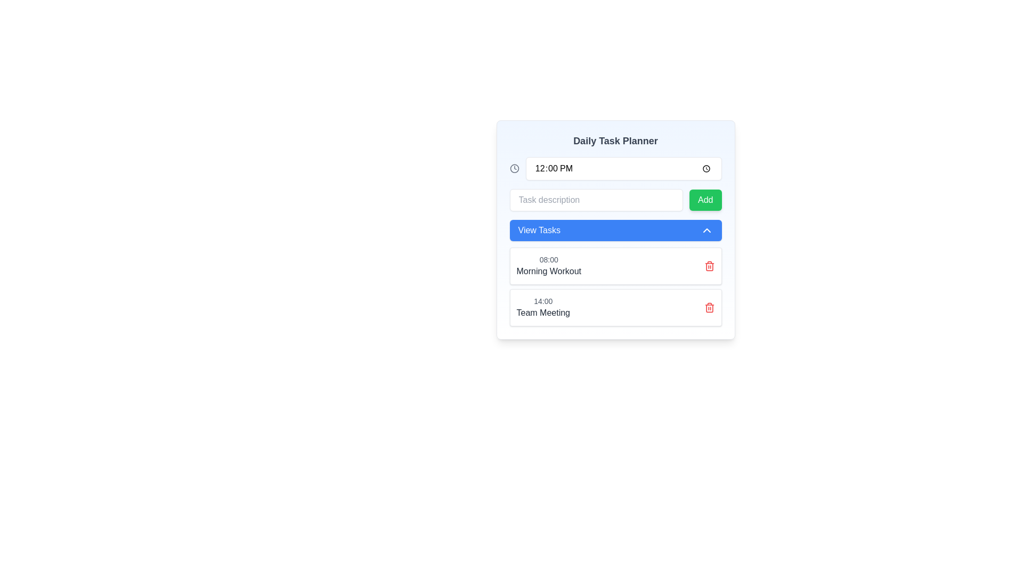  I want to click on the text of the 'Team Meeting' label displayed in bold font in the task list, located in the center-right section of the interface, so click(543, 312).